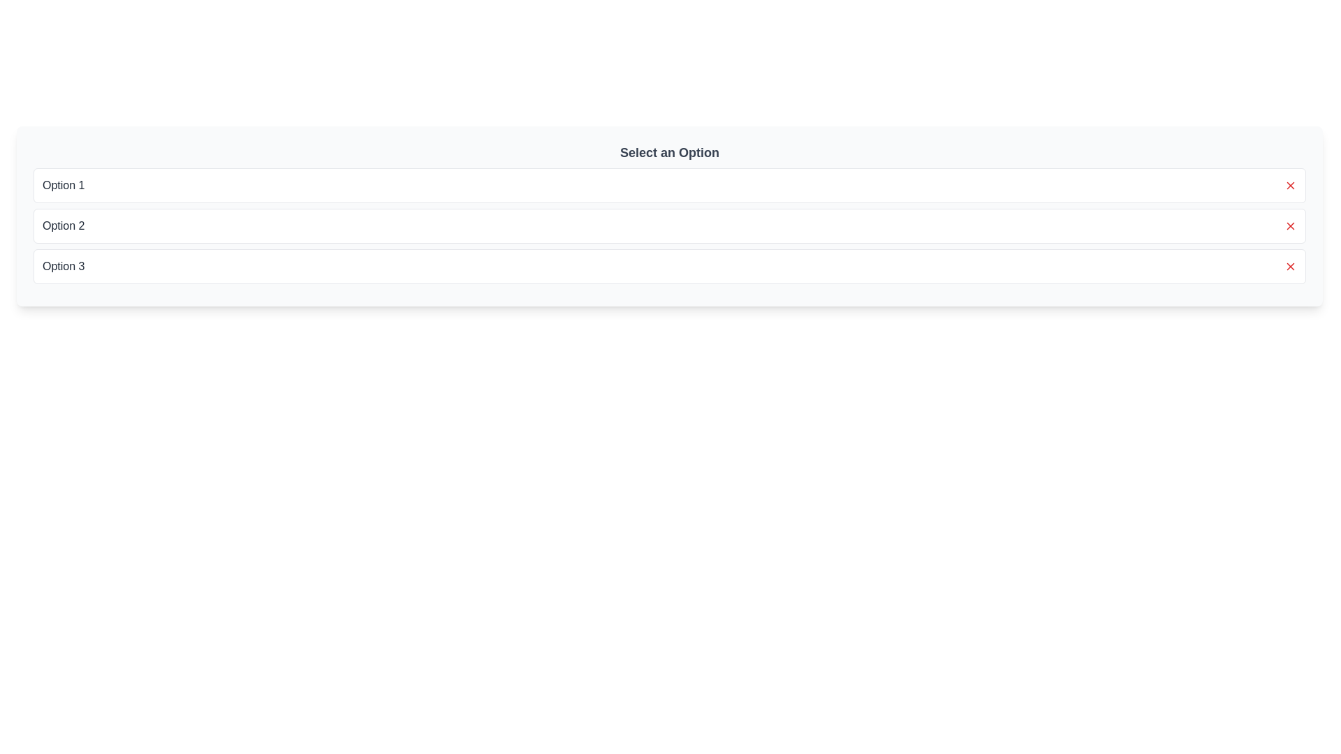  Describe the element at coordinates (1290, 226) in the screenshot. I see `the deletion Icon Button located at the far-right side of the 'Option 2' row` at that location.